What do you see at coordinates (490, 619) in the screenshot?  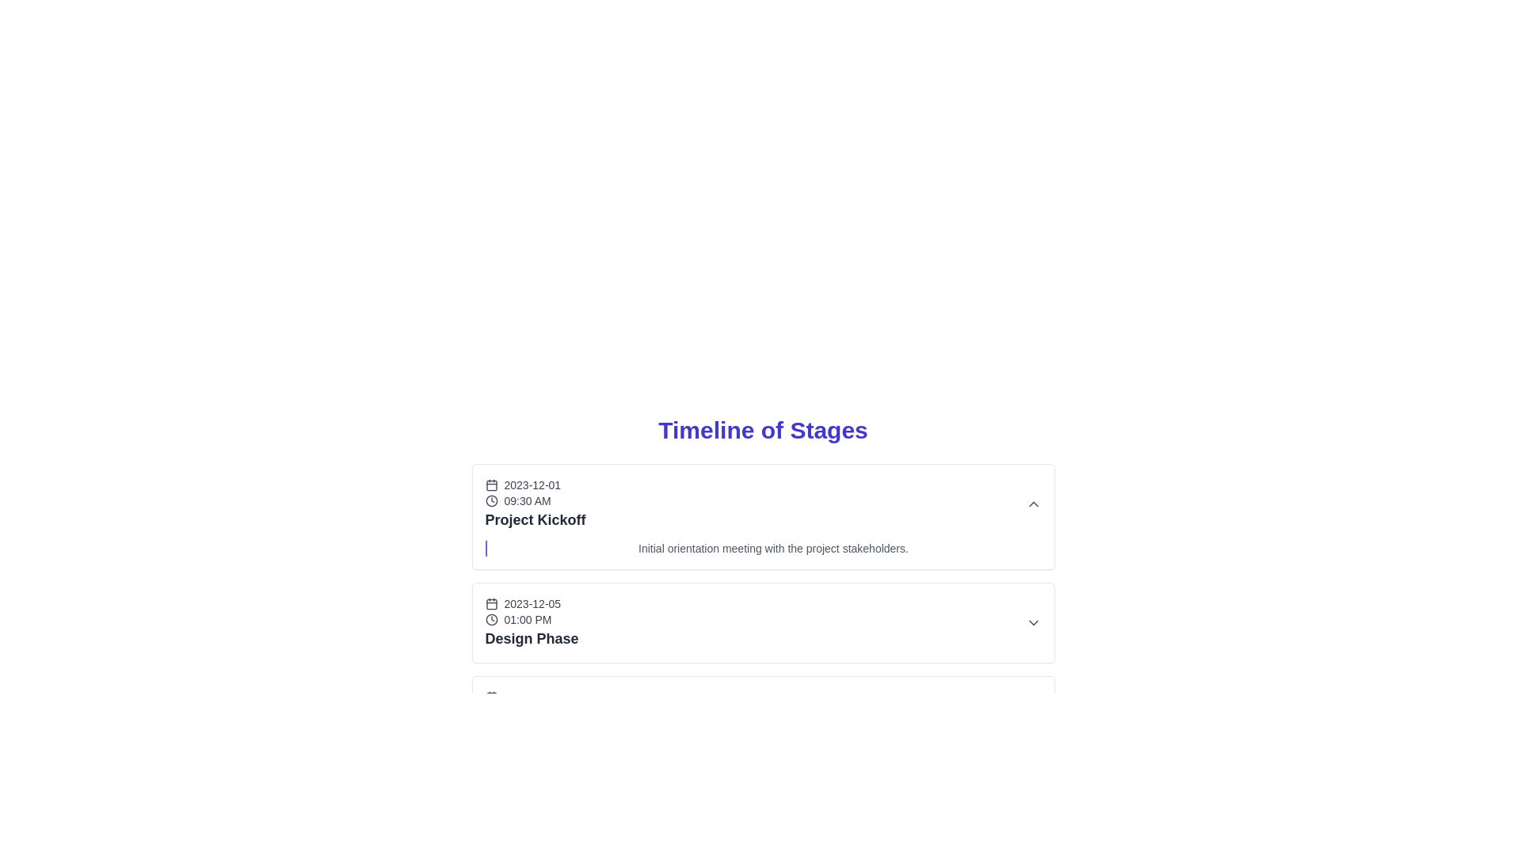 I see `the small, circular clock icon with a black outline located to the left of the text '01:00 PM' in the timeline entry` at bounding box center [490, 619].